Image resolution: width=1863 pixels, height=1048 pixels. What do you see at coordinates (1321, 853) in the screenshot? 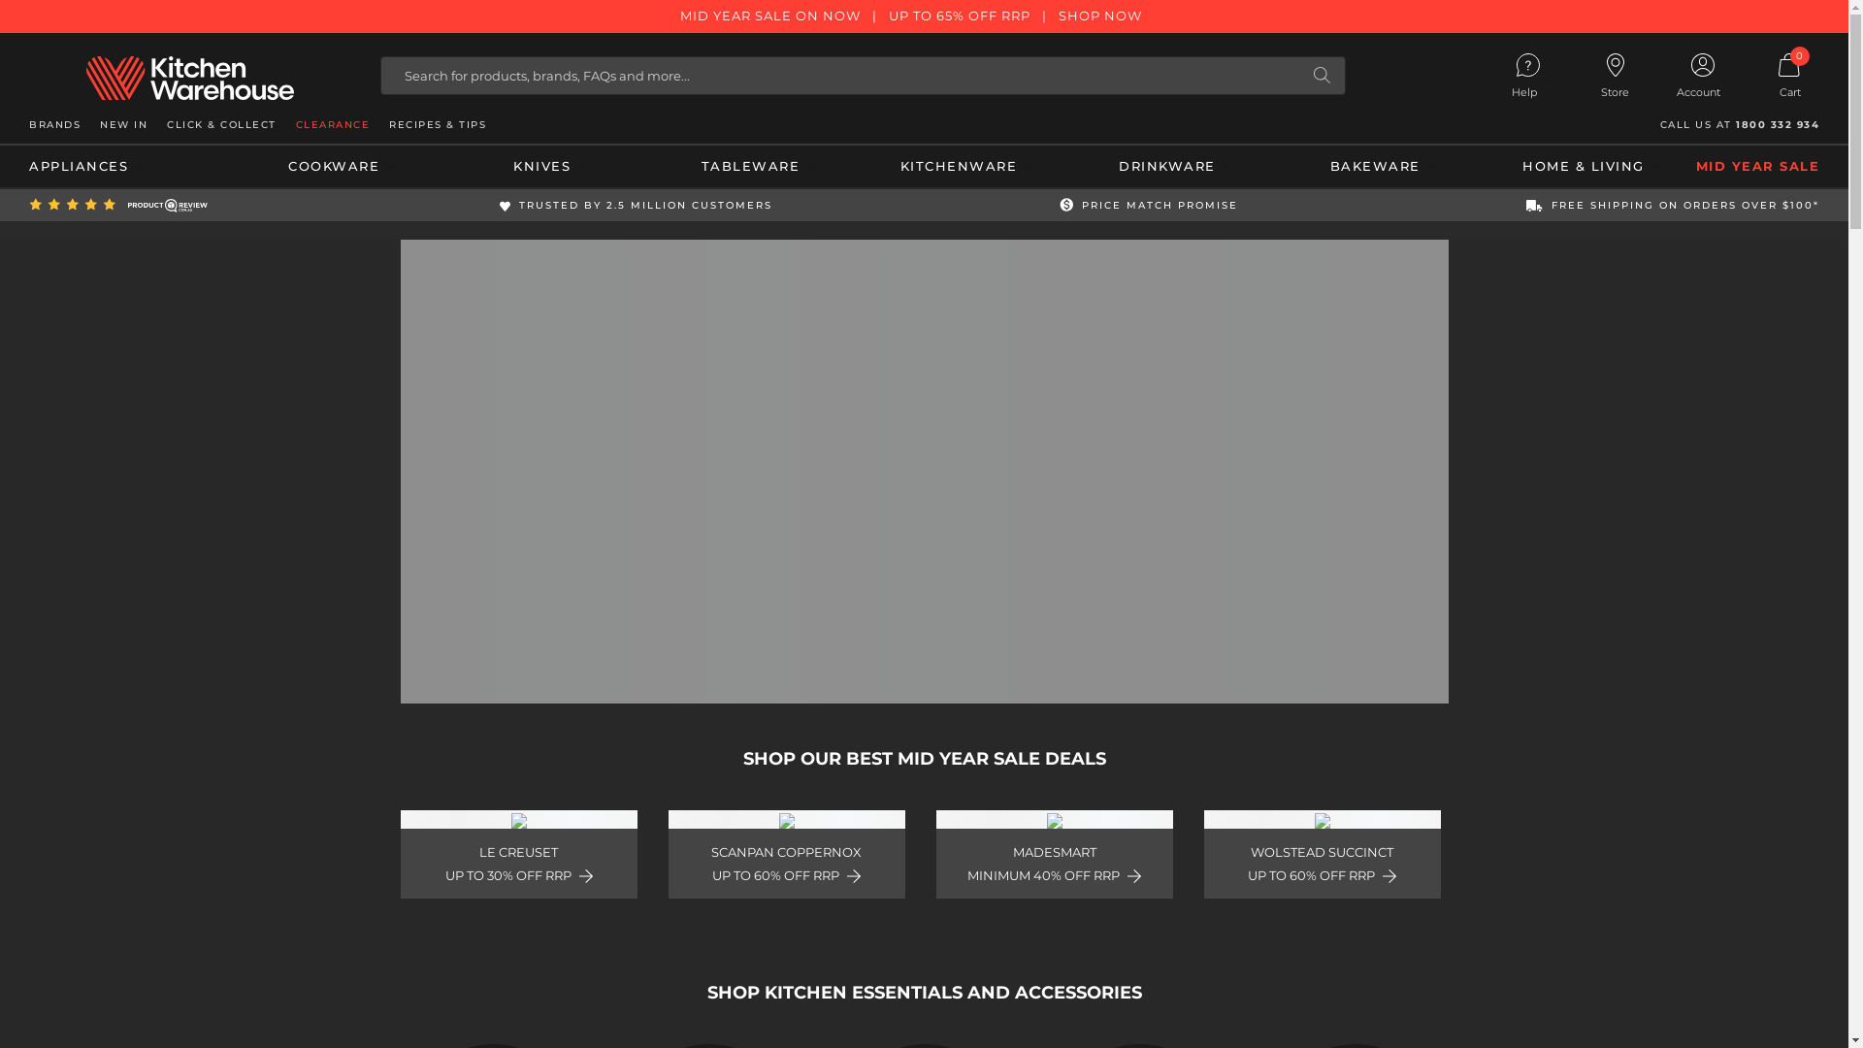
I see `'WOLSTEAD SUCCINCT` at bounding box center [1321, 853].